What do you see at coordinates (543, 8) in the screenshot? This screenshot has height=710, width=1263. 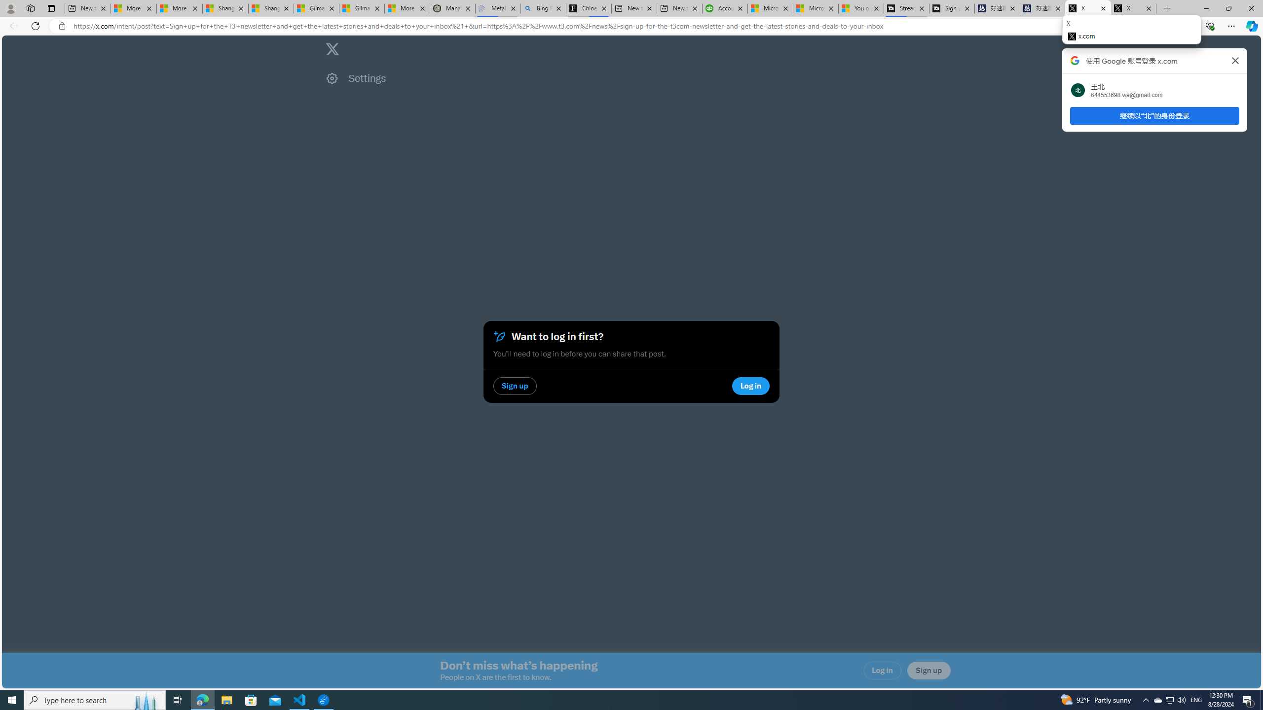 I see `'Bing Real Estate - Home sales and rental listings'` at bounding box center [543, 8].